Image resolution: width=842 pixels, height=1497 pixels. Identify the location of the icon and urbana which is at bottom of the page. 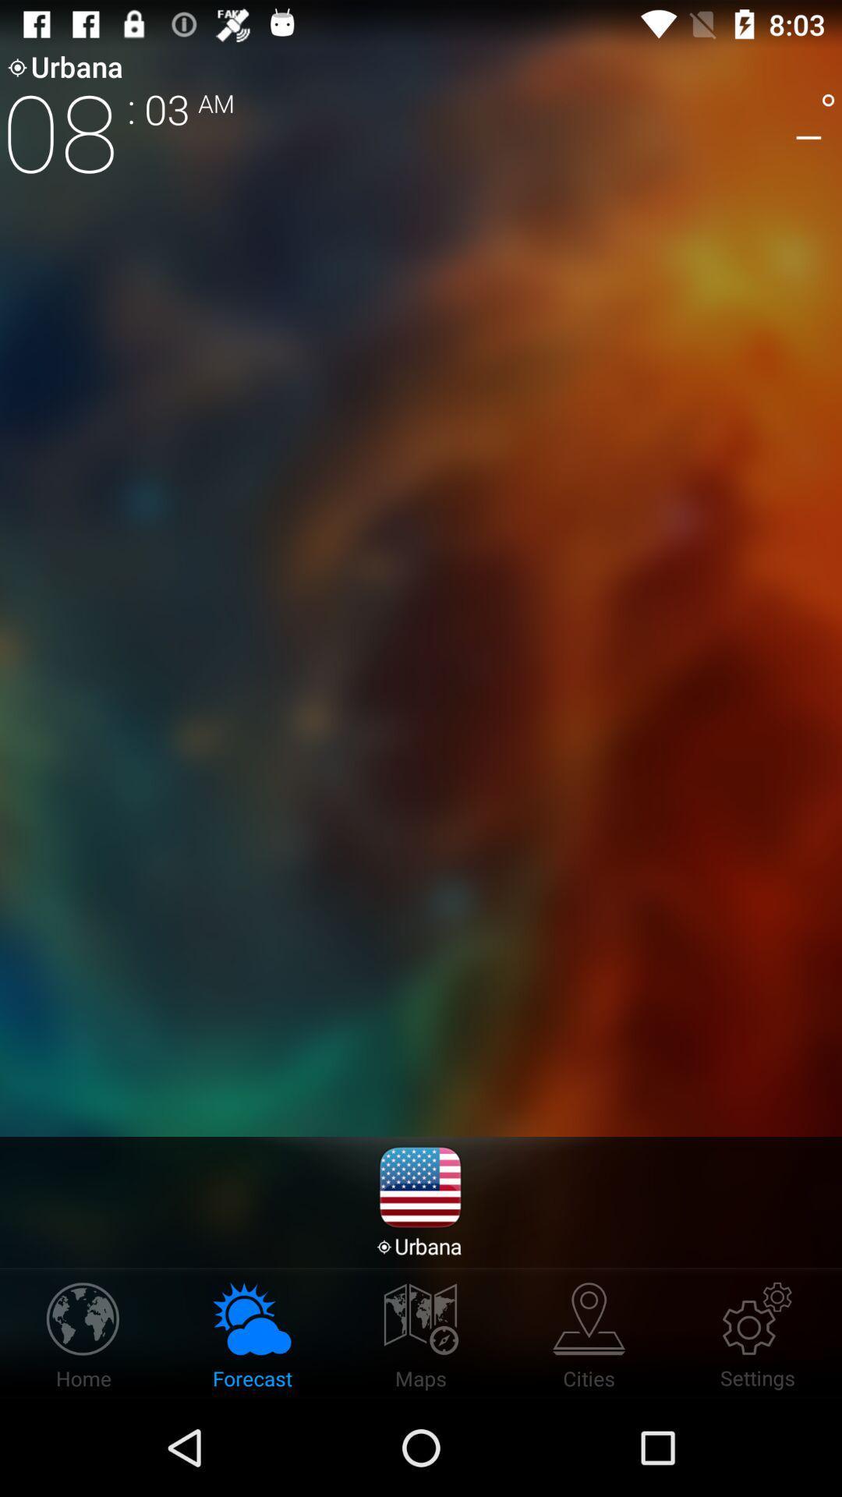
(419, 1201).